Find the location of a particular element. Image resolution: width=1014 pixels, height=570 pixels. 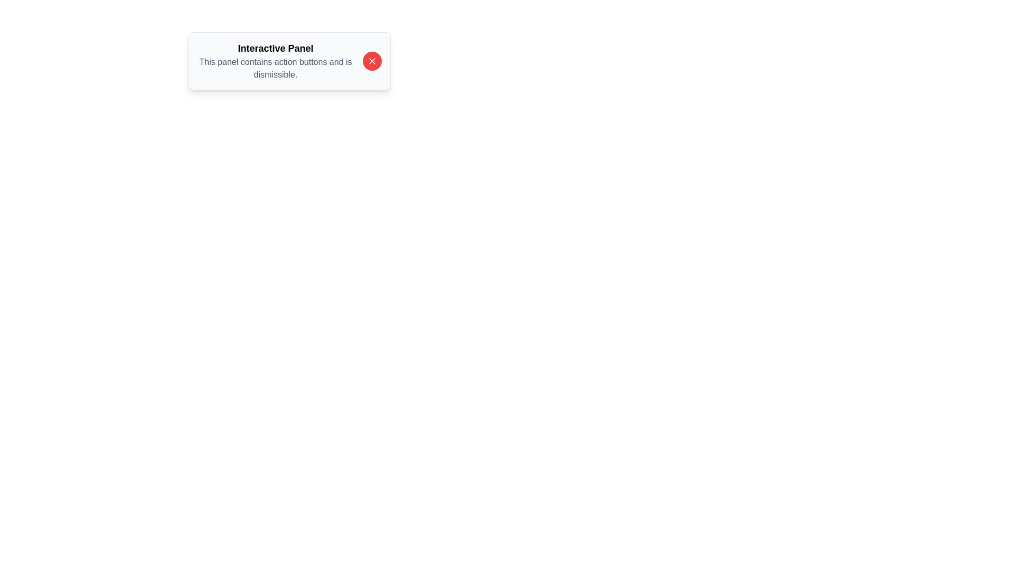

the close icon within the red circular button on the right side of the white panel is located at coordinates (372, 61).